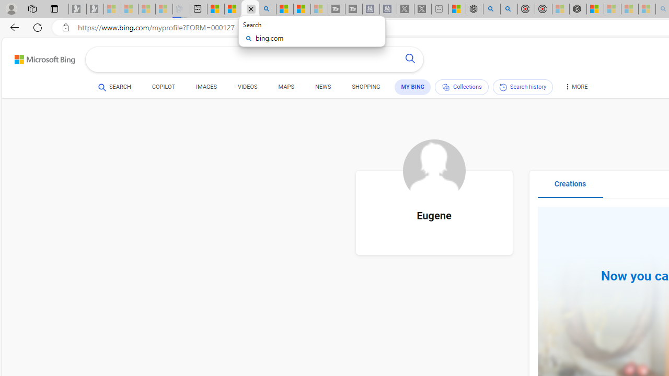 This screenshot has height=376, width=669. Describe the element at coordinates (422, 9) in the screenshot. I see `'X - Sleeping'` at that location.